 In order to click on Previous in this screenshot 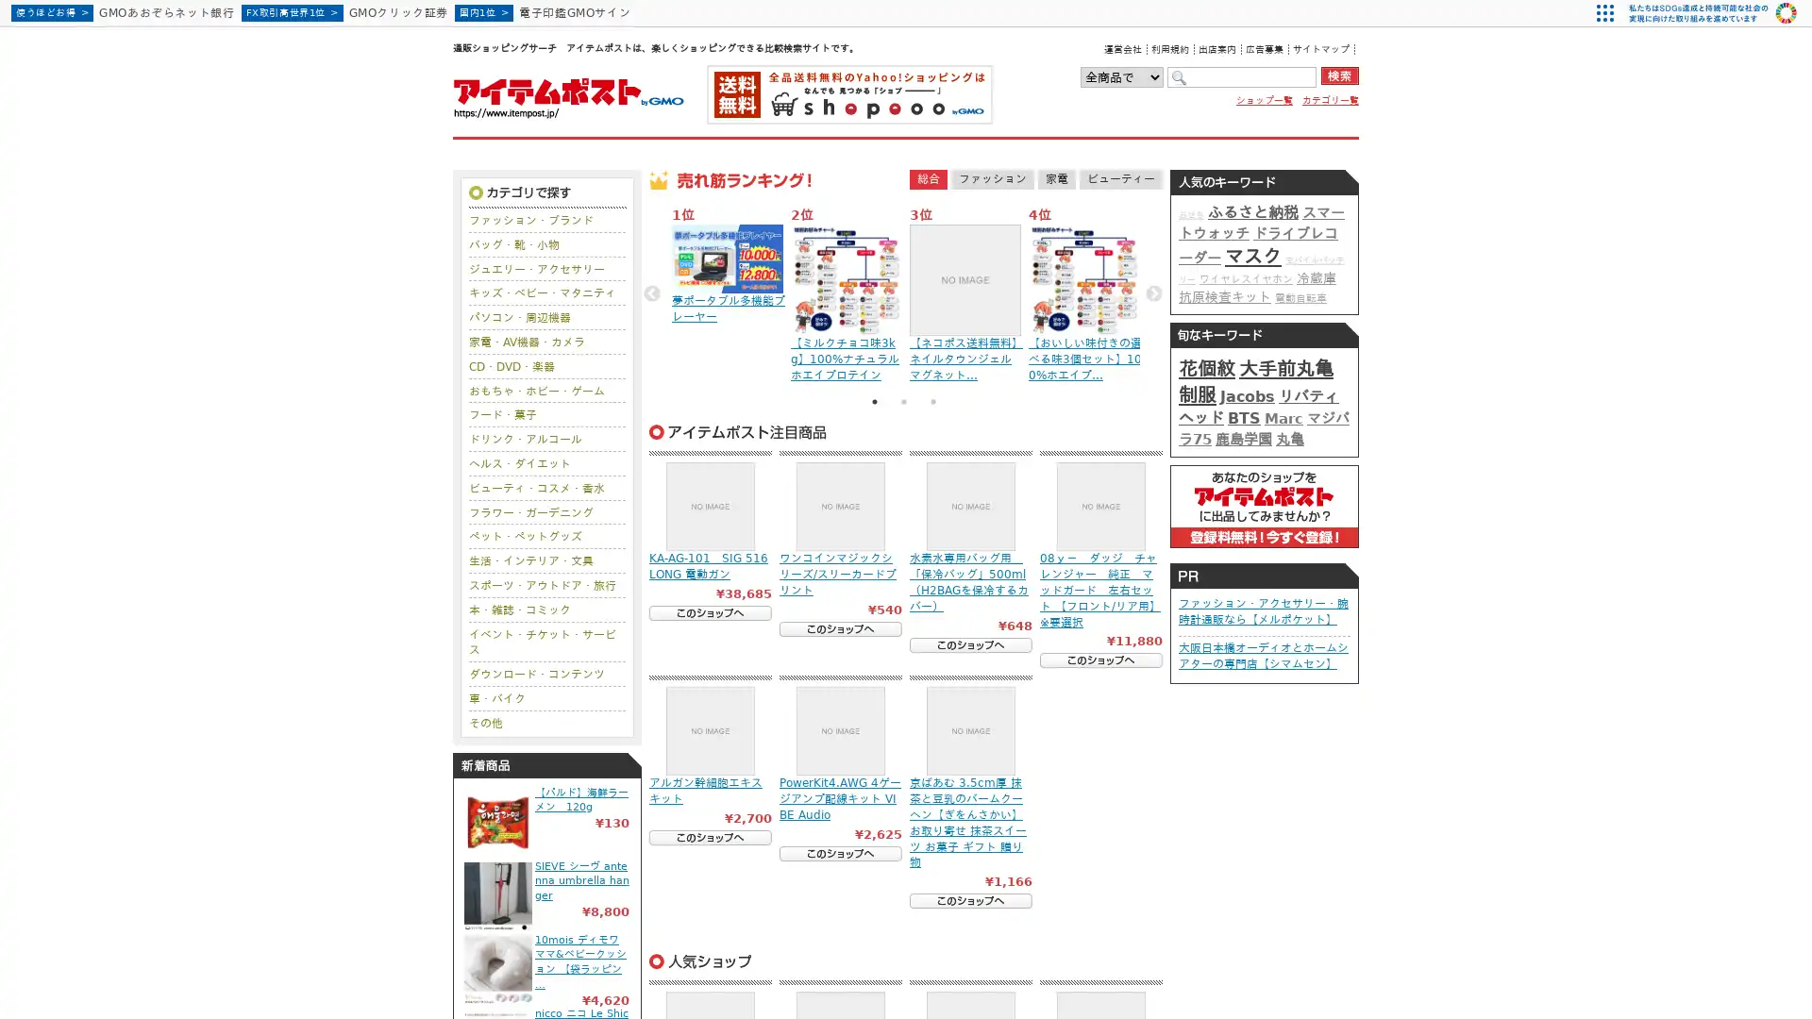, I will do `click(652, 294)`.